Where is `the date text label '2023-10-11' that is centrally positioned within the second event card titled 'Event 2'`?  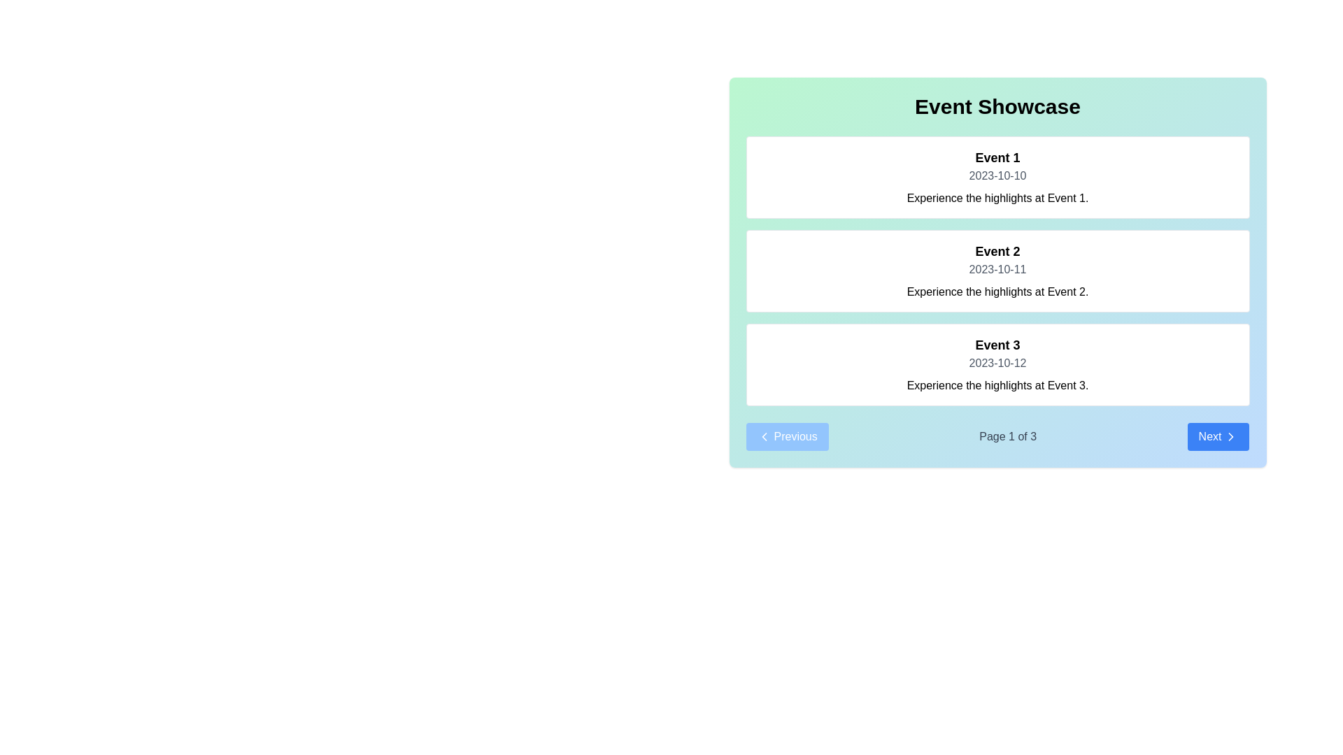
the date text label '2023-10-11' that is centrally positioned within the second event card titled 'Event 2' is located at coordinates (997, 269).